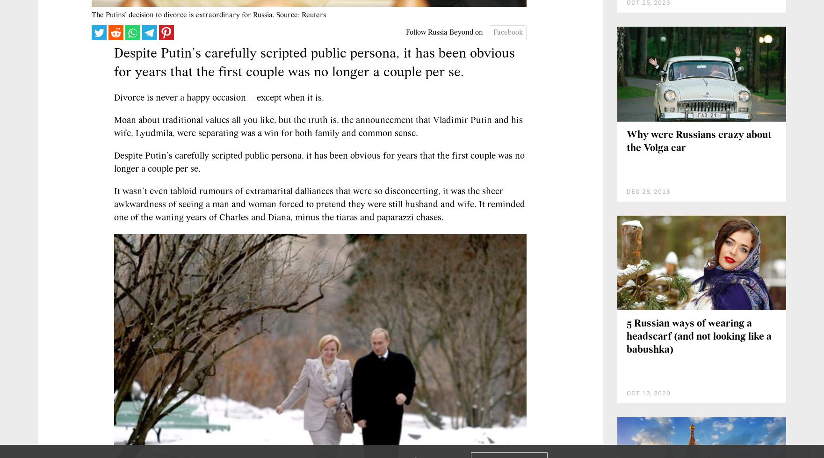 This screenshot has height=458, width=824. Describe the element at coordinates (318, 163) in the screenshot. I see `'Despite Putin’s carefully scripted public
persona, it has been obvious for years that the first couple was no longer a
couple per se.'` at that location.